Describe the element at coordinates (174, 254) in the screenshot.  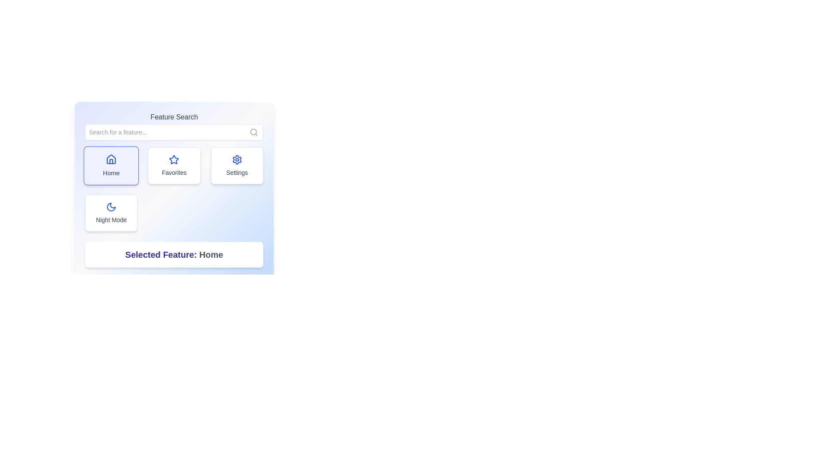
I see `the text label displaying 'Selected Feature: Home', which is styled in bold typography and indigo color, located at the bottom of the interface area` at that location.